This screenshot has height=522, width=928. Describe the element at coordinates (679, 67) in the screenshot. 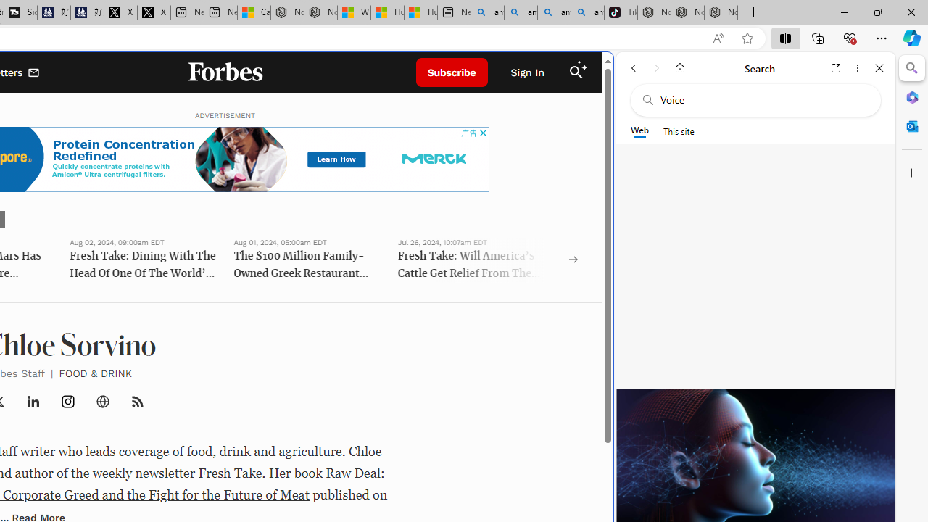

I see `'Home'` at that location.